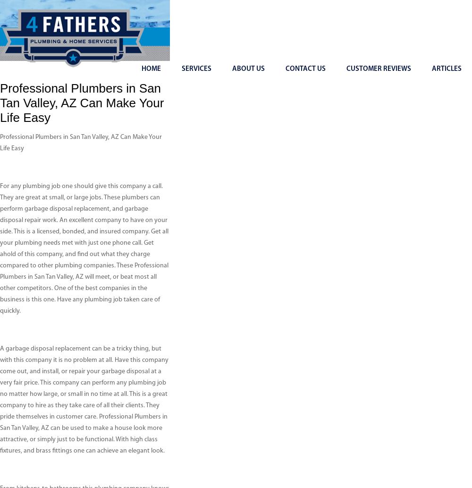 The height and width of the screenshot is (488, 472). I want to click on 'For any plumbing job one should give this company a call. They are great at small, or large jobs. These plumbers can perform garbage disposal replacement, and garbage disposal repair work. An excellent company to have on your side. This is a licensed, bonded, and insured company. Get all your plumbing needs met with just one phone call. Get ahold of this company, and find out what they charge compared to other plumbing companies. These Professional Plumbers in San Tan Valley, AZ will meet, or beat most all other competitors. One of the best companies in the business is this one. Have any plumbing job taken care of quickly.', so click(84, 248).